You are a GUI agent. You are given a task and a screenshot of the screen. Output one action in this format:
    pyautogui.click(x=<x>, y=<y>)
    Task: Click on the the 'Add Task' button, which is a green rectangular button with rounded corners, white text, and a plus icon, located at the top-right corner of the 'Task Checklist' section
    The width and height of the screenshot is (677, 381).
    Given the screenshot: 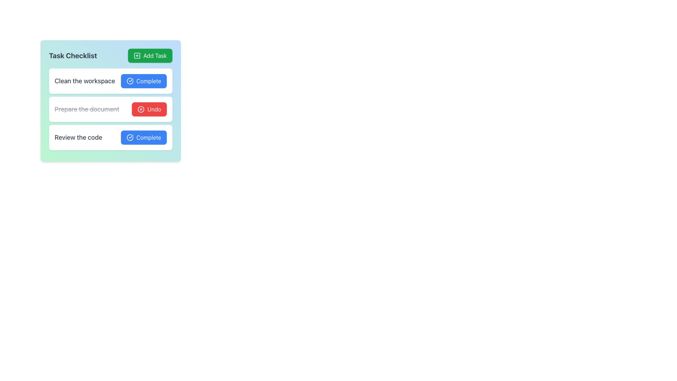 What is the action you would take?
    pyautogui.click(x=150, y=55)
    